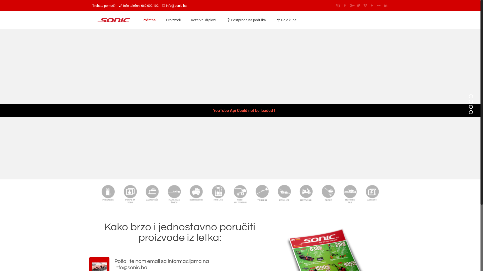  What do you see at coordinates (317, 193) in the screenshot?
I see `'Freze'` at bounding box center [317, 193].